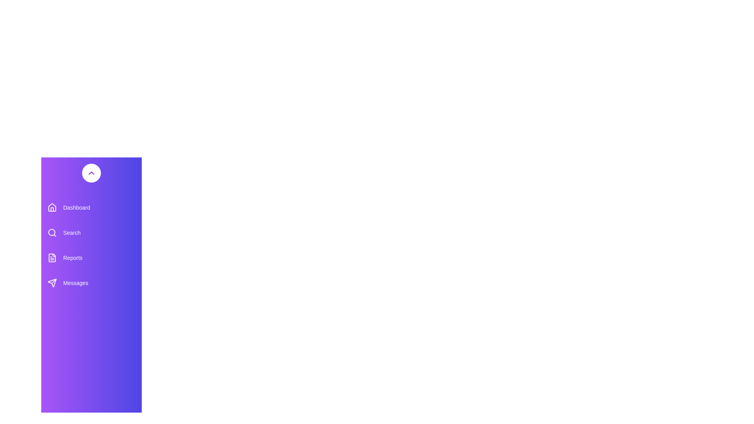 This screenshot has width=754, height=424. Describe the element at coordinates (72, 232) in the screenshot. I see `the 'Search' text label located in the left-side navigation menu, beneath 'Dashboard' and above 'Reports'` at that location.